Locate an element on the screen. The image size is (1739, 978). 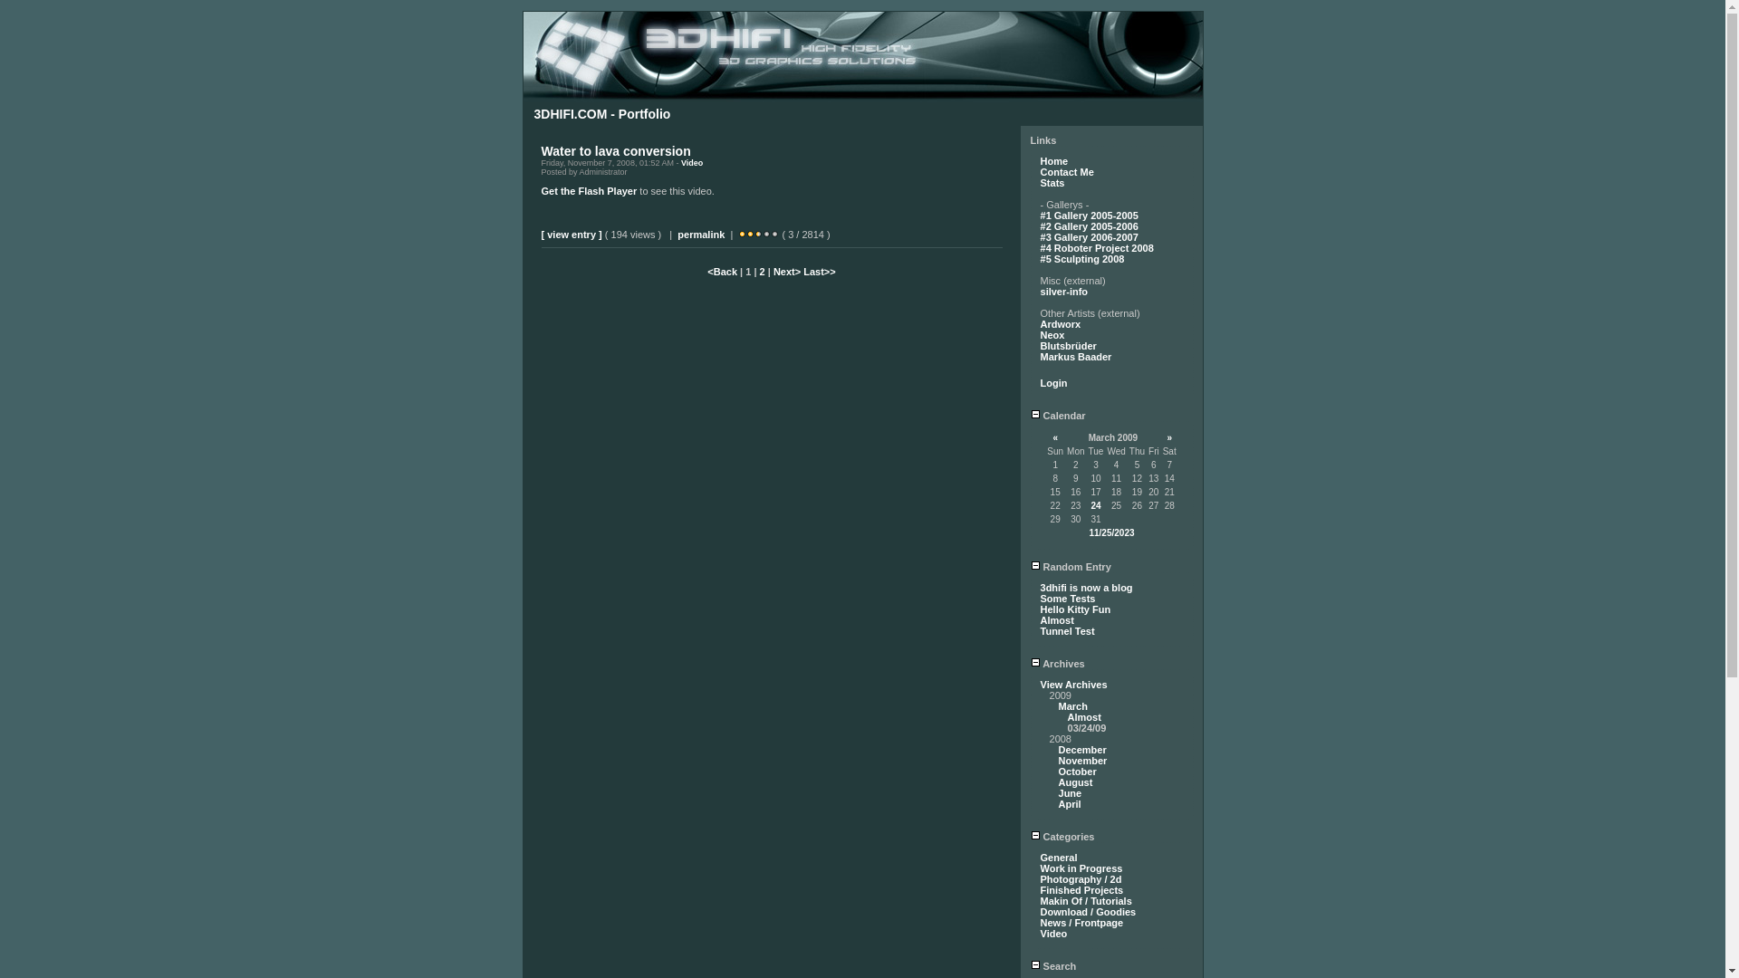
'Click to Rate Entry' is located at coordinates (750, 233).